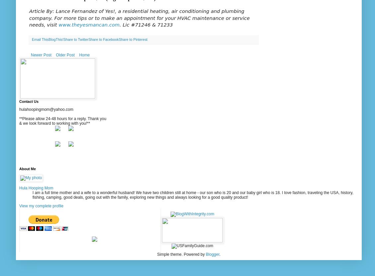  Describe the element at coordinates (90, 211) in the screenshot. I see `'Please consider supporting us along our journey!'` at that location.